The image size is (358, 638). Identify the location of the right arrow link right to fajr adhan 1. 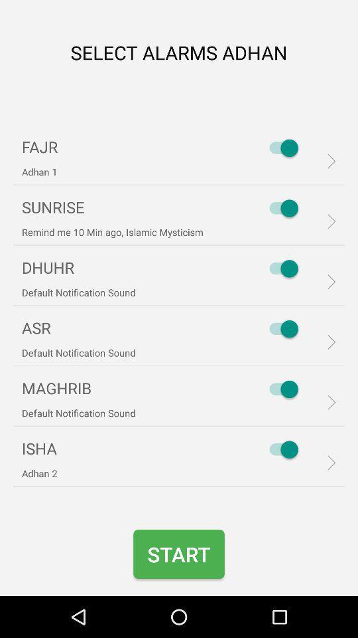
(326, 160).